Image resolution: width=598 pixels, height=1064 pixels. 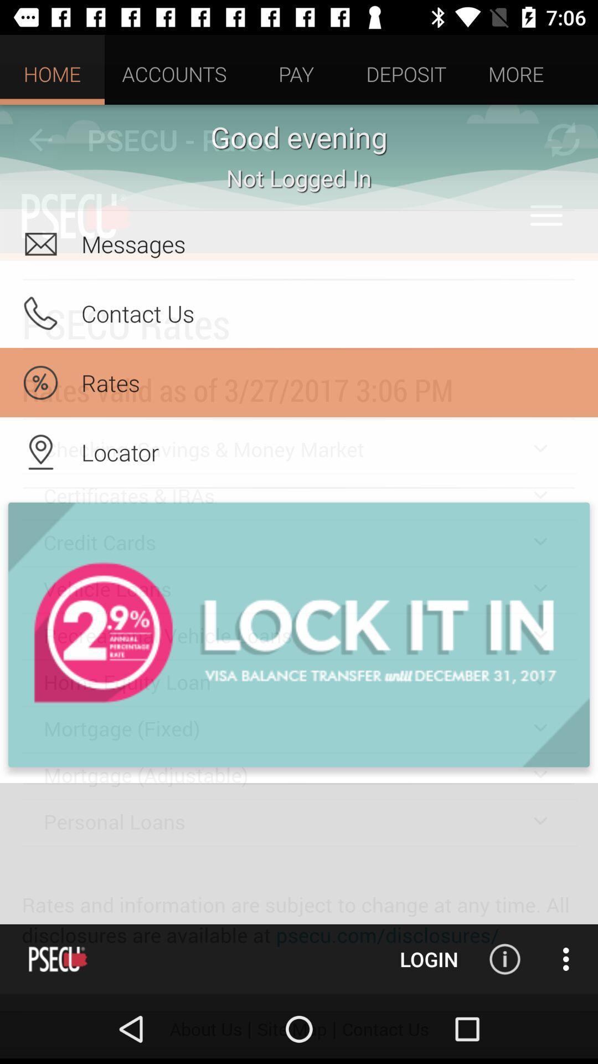 I want to click on login button at the bottom of the page, so click(x=429, y=959).